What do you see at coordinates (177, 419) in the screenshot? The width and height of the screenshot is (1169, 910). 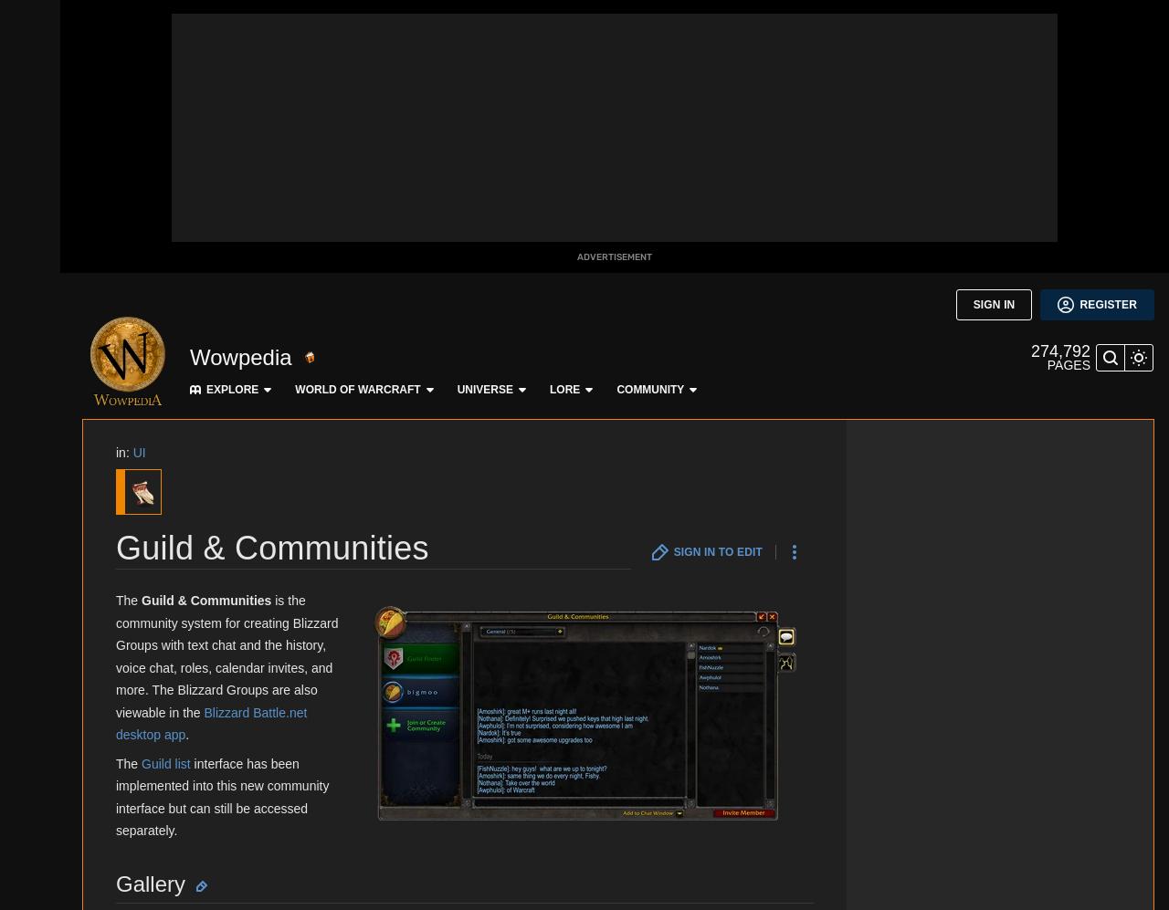 I see `'More Fandoms'` at bounding box center [177, 419].